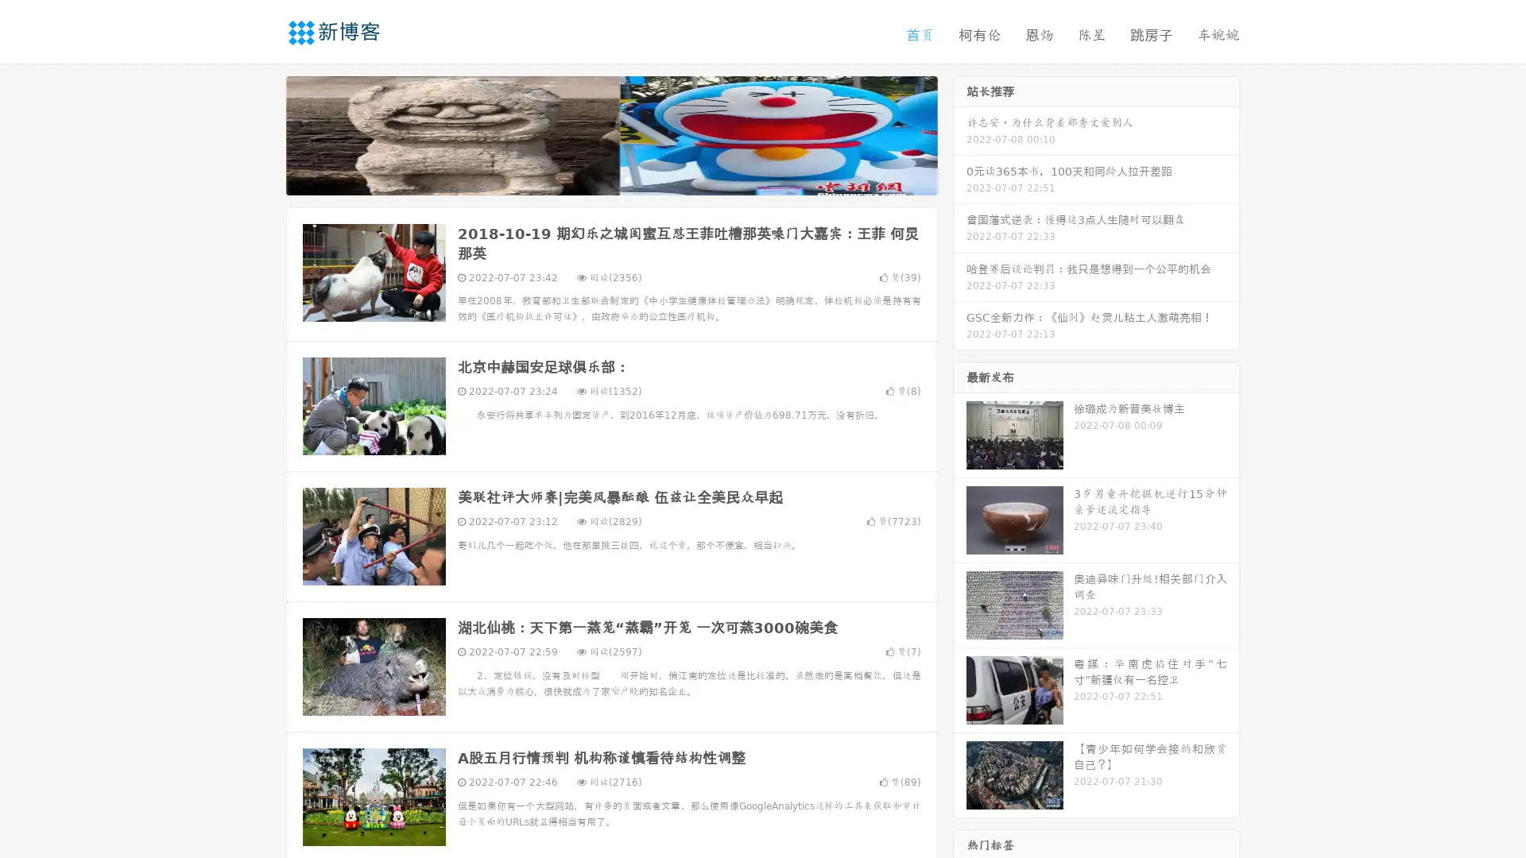 This screenshot has height=858, width=1526. Describe the element at coordinates (595, 179) in the screenshot. I see `Go to slide 1` at that location.